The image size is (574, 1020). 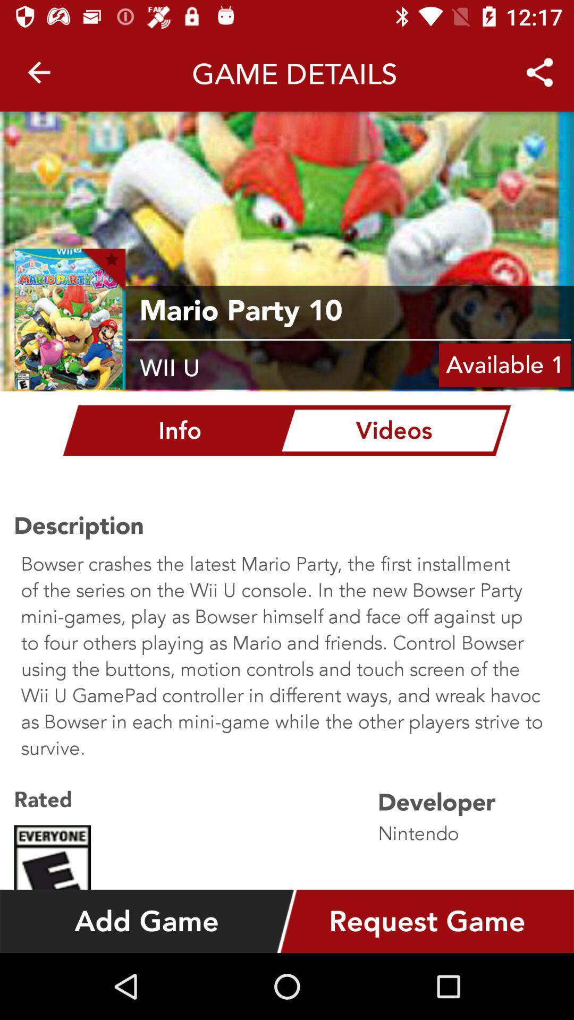 I want to click on the share icon, so click(x=539, y=67).